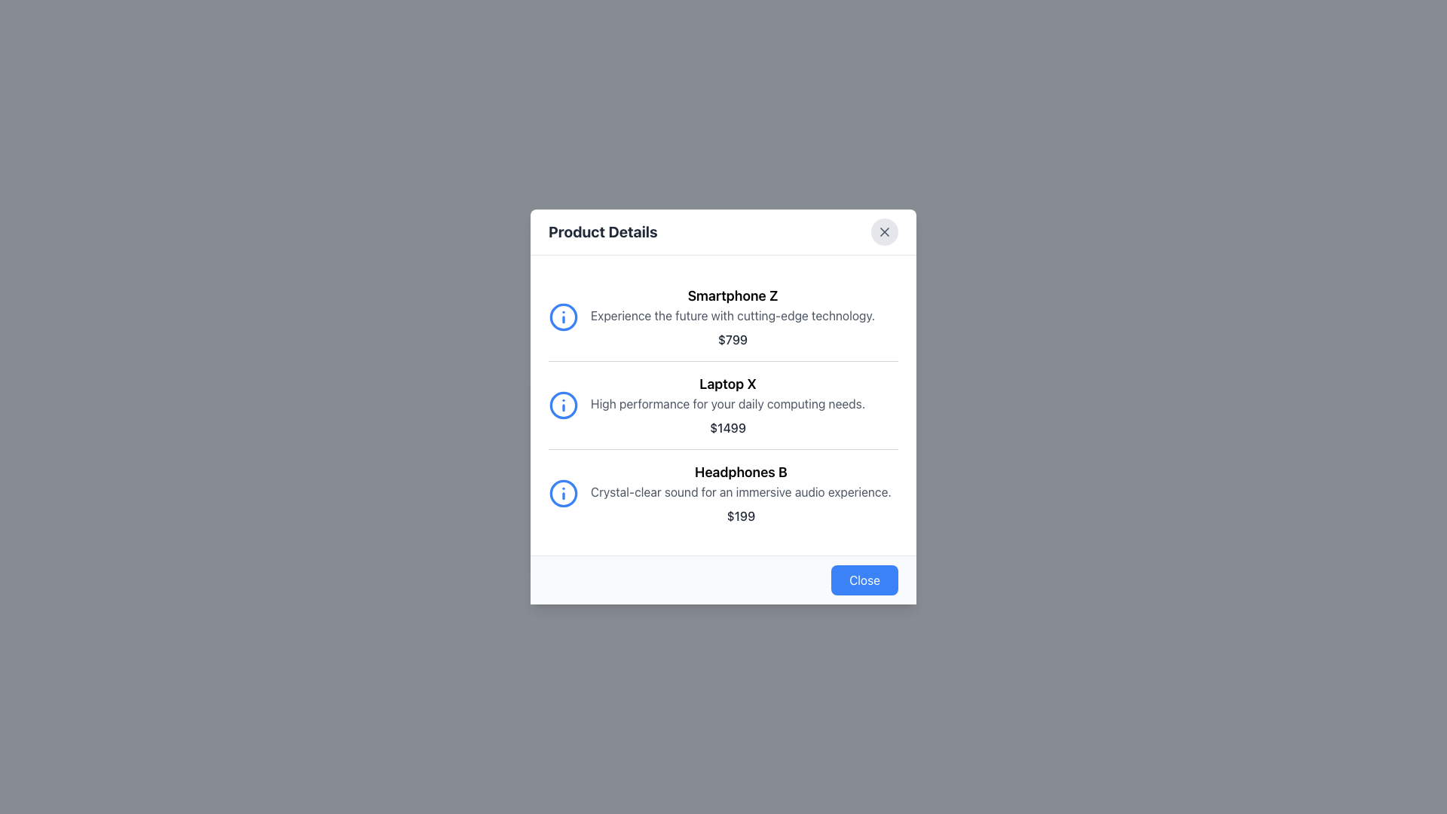 The image size is (1447, 814). I want to click on the text element that reads 'High performance for your daily computing needs.' located under the heading 'Laptop X' and above the price '$1499', so click(728, 403).